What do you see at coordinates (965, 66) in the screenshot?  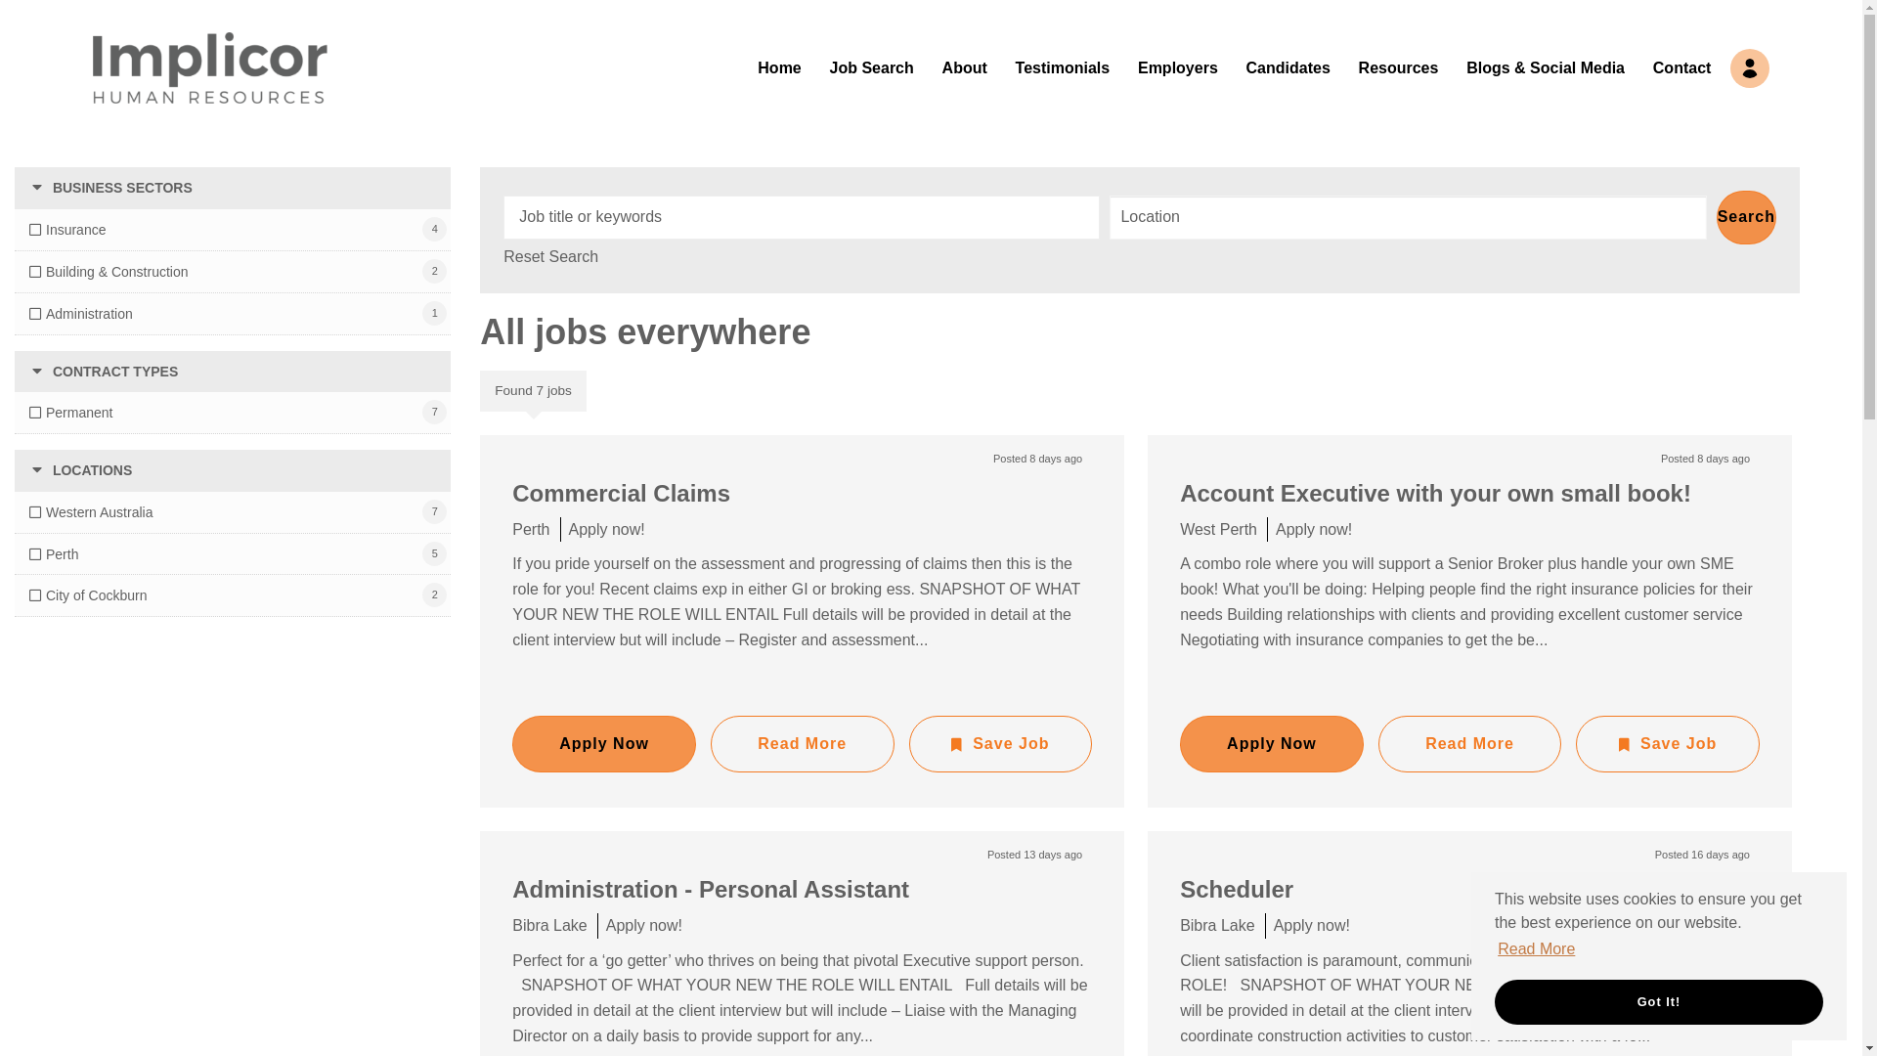 I see `'About'` at bounding box center [965, 66].